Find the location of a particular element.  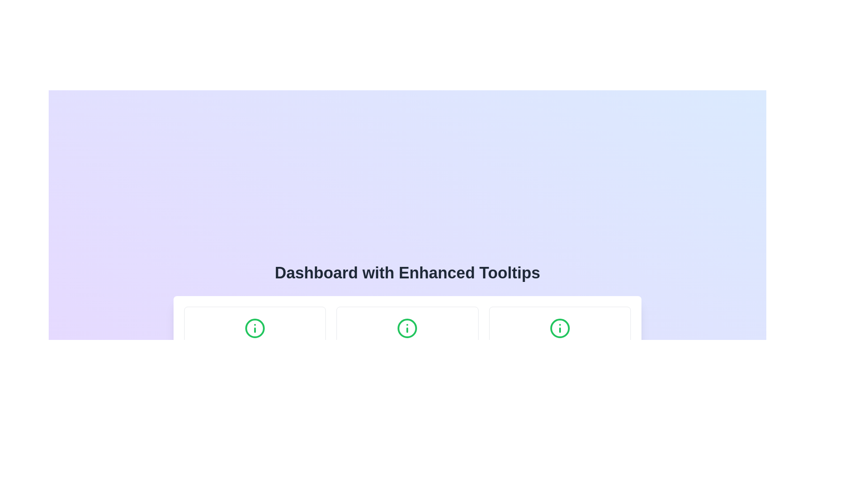

the Tooltip that provides additional context about the 'Profile Settings' functionality, located below the 'Profile Settings' title and description is located at coordinates (255, 407).